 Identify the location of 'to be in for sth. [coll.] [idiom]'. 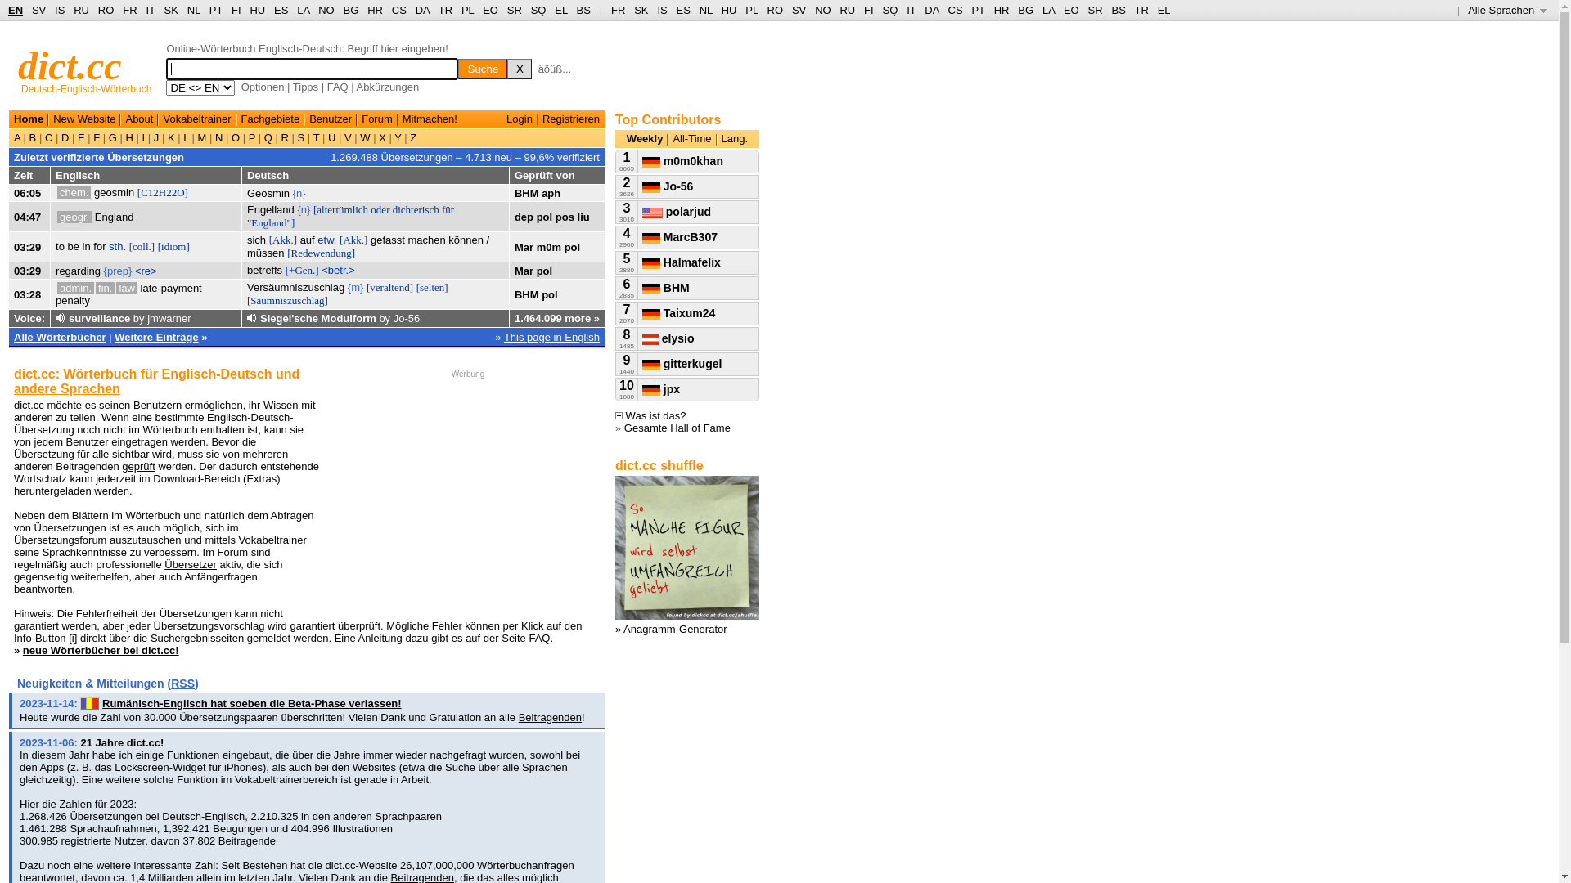
(121, 246).